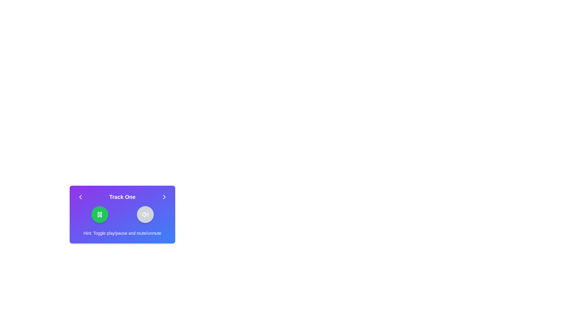 This screenshot has height=325, width=579. What do you see at coordinates (100, 214) in the screenshot?
I see `the green circular 'pause' button with a white icon` at bounding box center [100, 214].